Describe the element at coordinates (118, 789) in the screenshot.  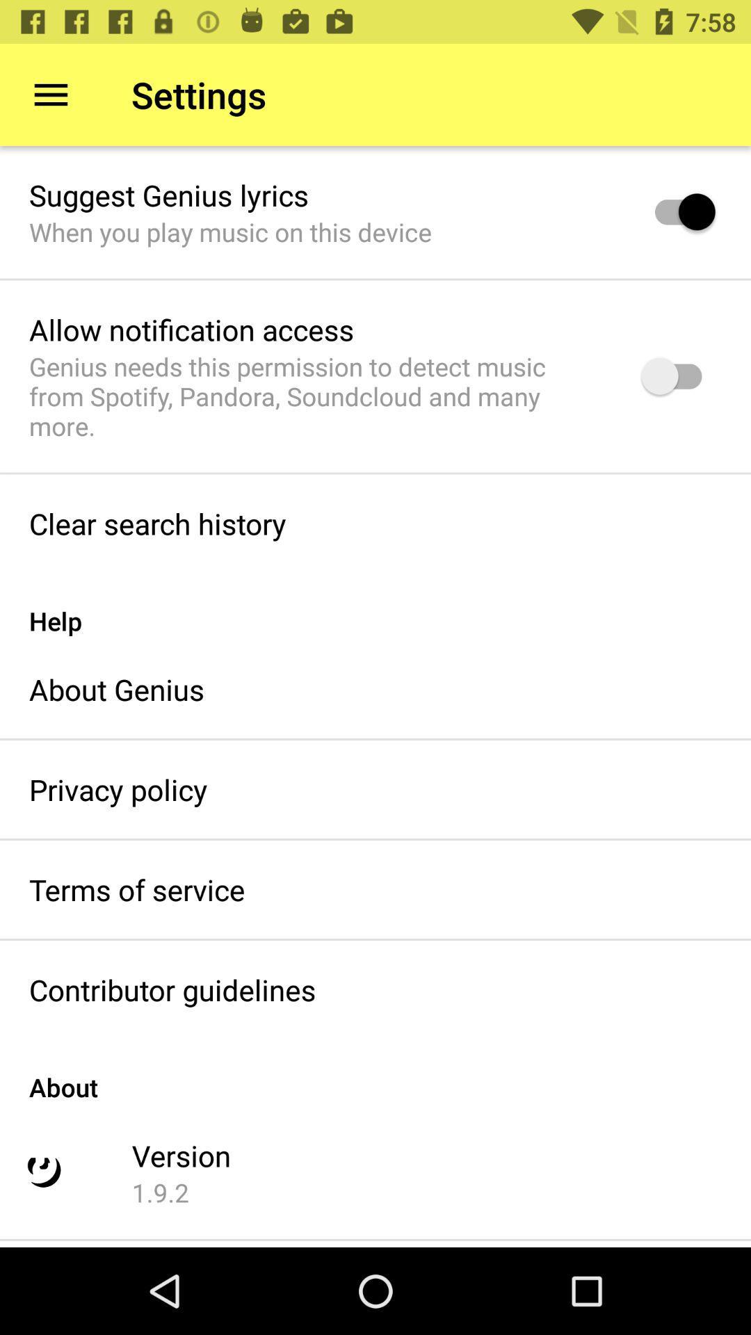
I see `the icon above terms of service icon` at that location.